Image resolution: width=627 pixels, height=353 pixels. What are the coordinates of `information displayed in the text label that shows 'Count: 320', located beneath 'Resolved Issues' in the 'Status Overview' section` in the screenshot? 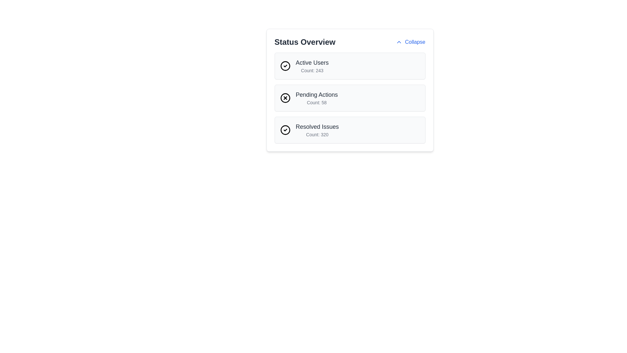 It's located at (317, 134).